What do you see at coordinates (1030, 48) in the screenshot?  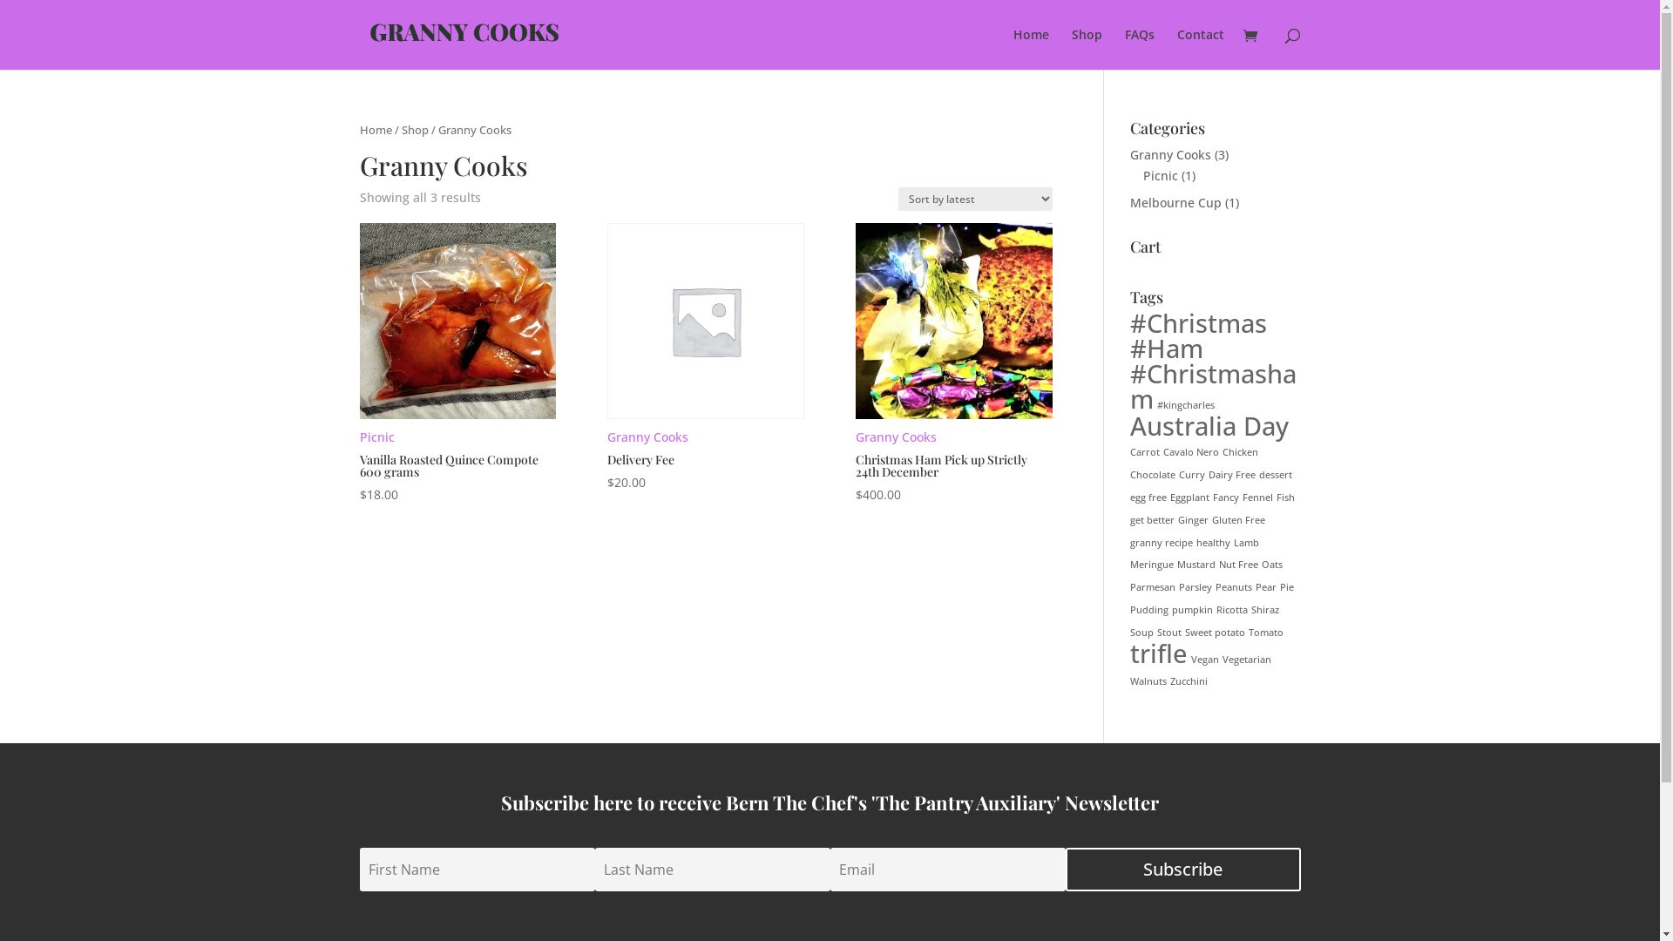 I see `'Home'` at bounding box center [1030, 48].